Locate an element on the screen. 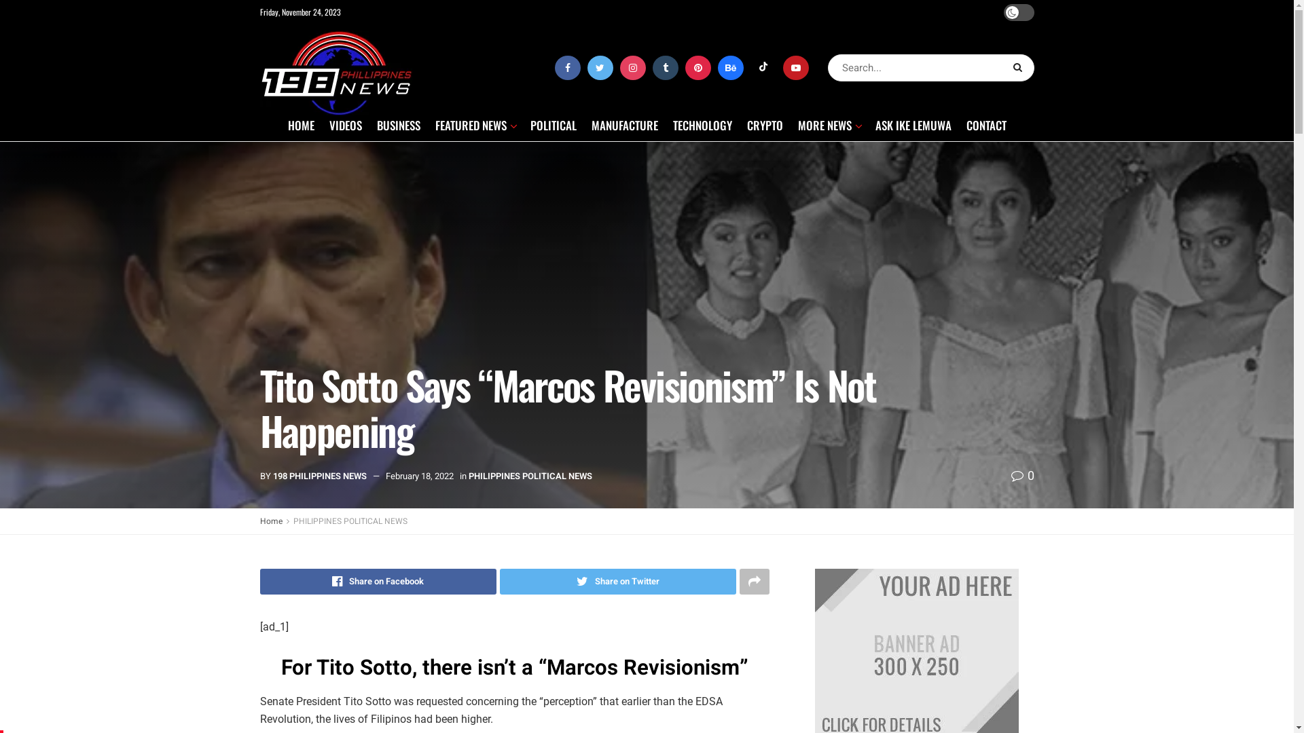 The image size is (1304, 733). '198 PHILIPPINES NEWS' is located at coordinates (319, 475).